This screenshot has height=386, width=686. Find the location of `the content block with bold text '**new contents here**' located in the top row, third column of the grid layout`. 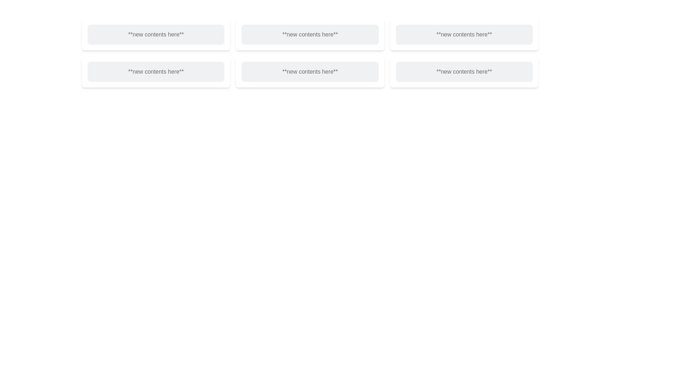

the content block with bold text '**new contents here**' located in the top row, third column of the grid layout is located at coordinates (464, 34).